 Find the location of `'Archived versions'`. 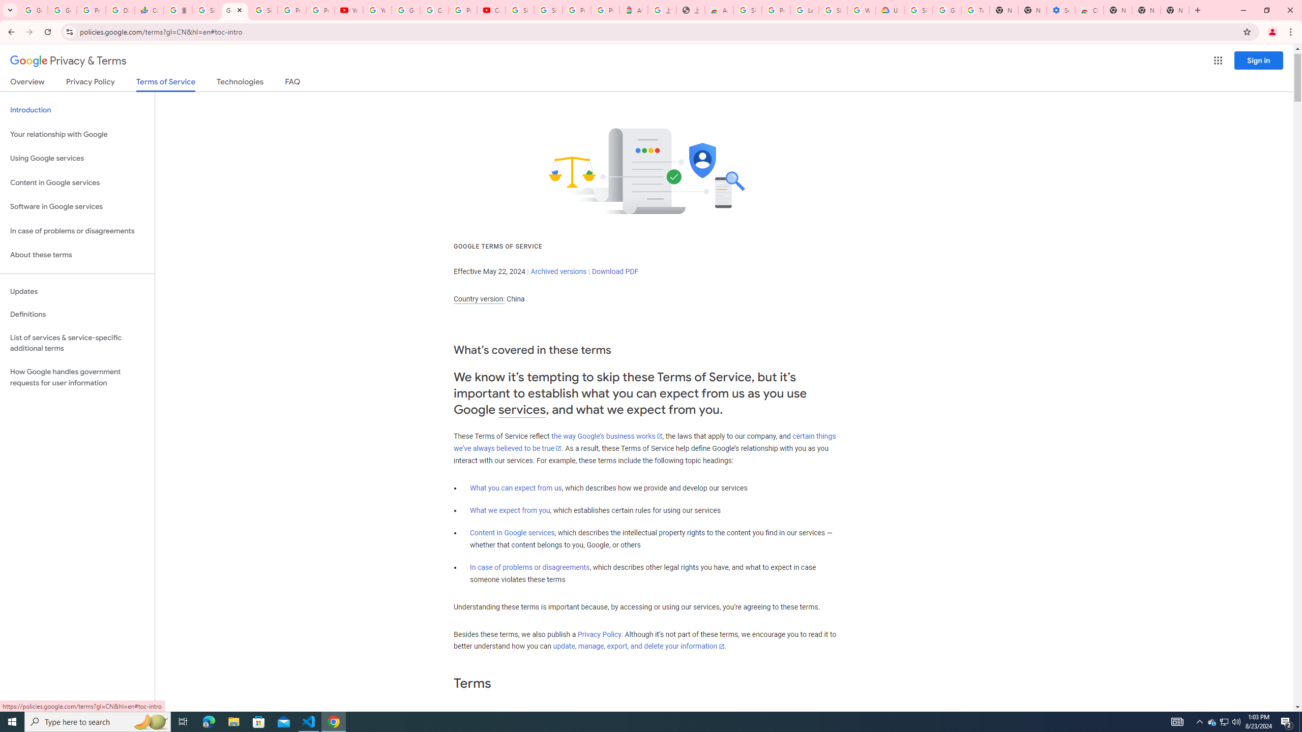

'Archived versions' is located at coordinates (558, 271).